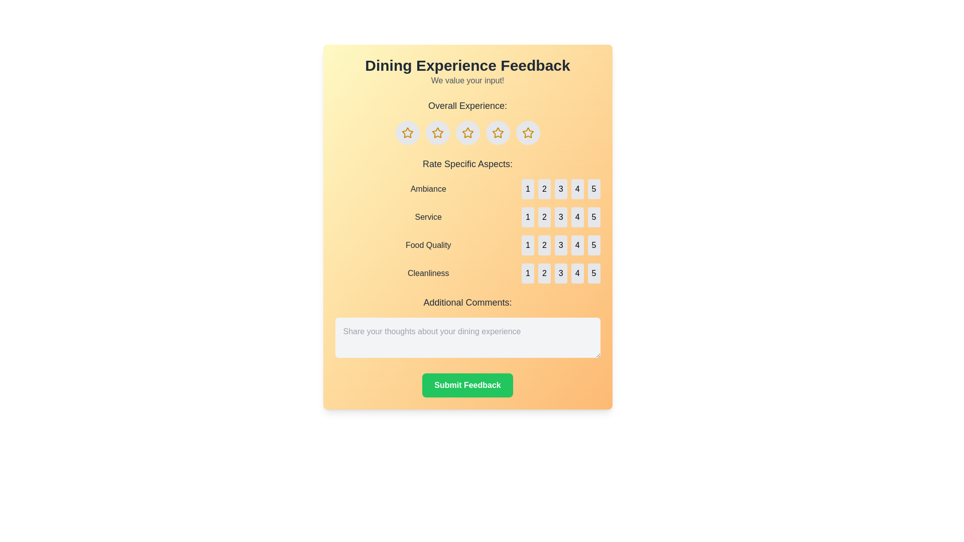  I want to click on the interactive rating buttons in the Rating section, located below the Overall Experience section, so click(467, 220).